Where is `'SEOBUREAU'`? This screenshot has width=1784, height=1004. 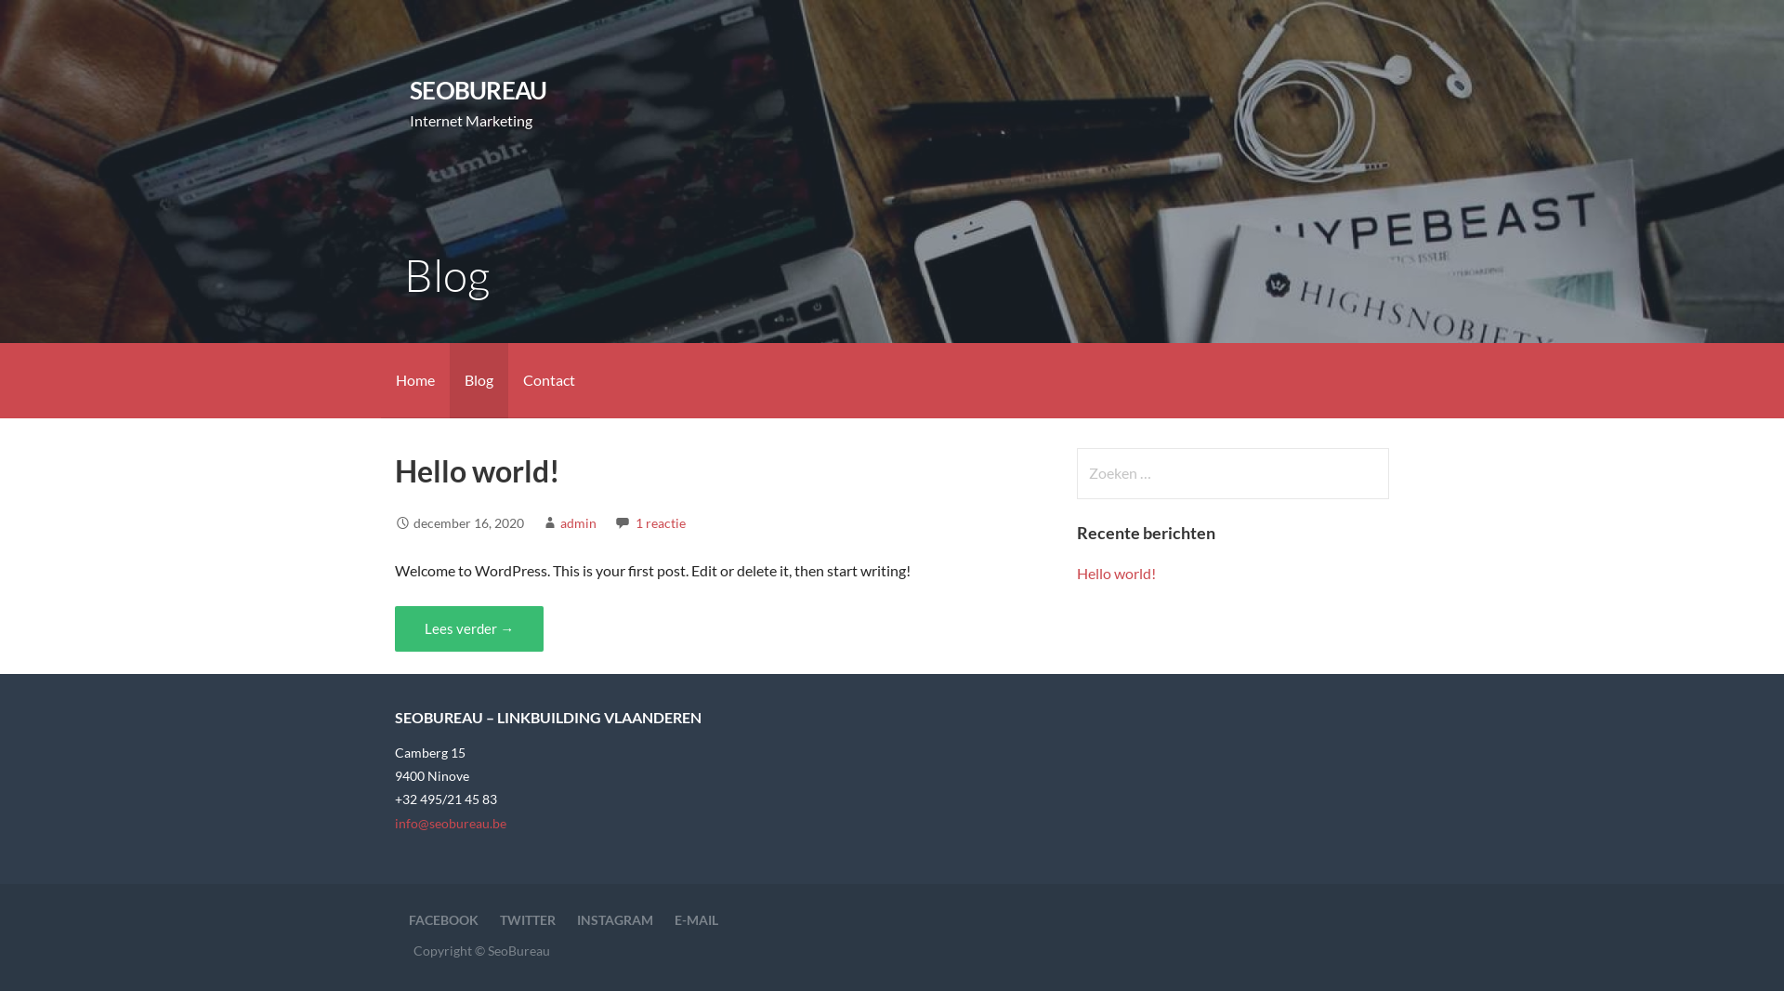
'SEOBUREAU' is located at coordinates (478, 89).